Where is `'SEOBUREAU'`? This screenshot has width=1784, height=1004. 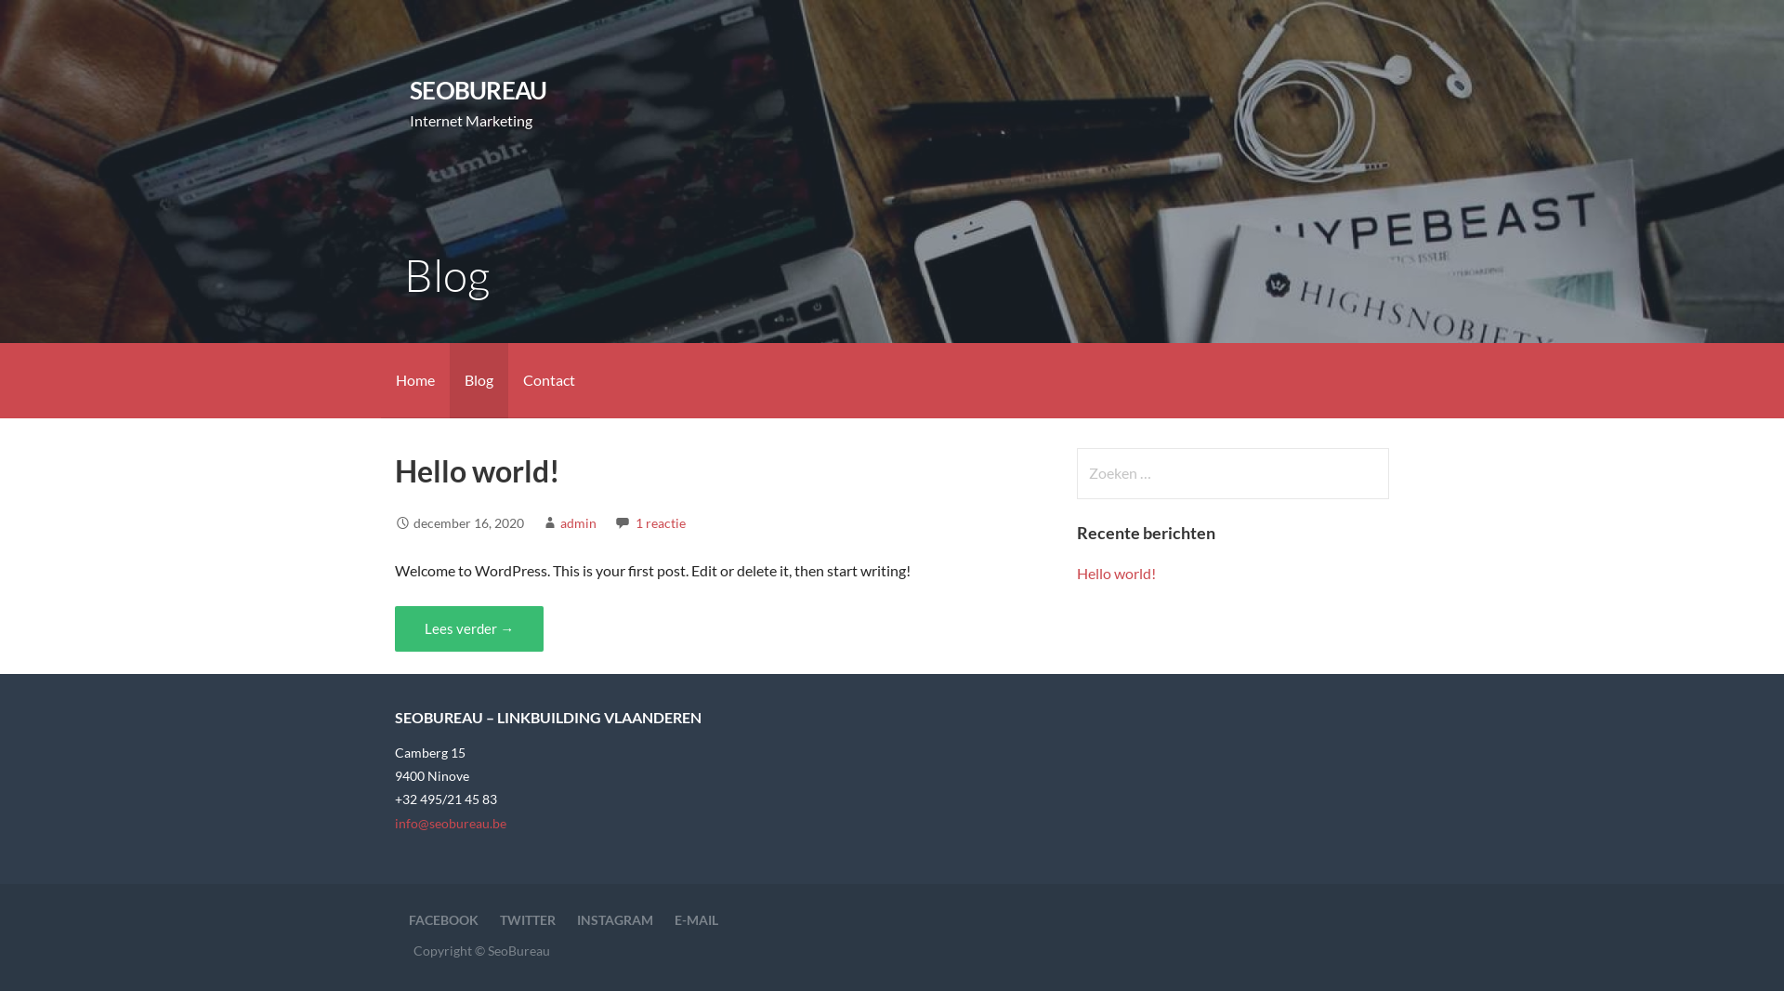
'SEOBUREAU' is located at coordinates (478, 89).